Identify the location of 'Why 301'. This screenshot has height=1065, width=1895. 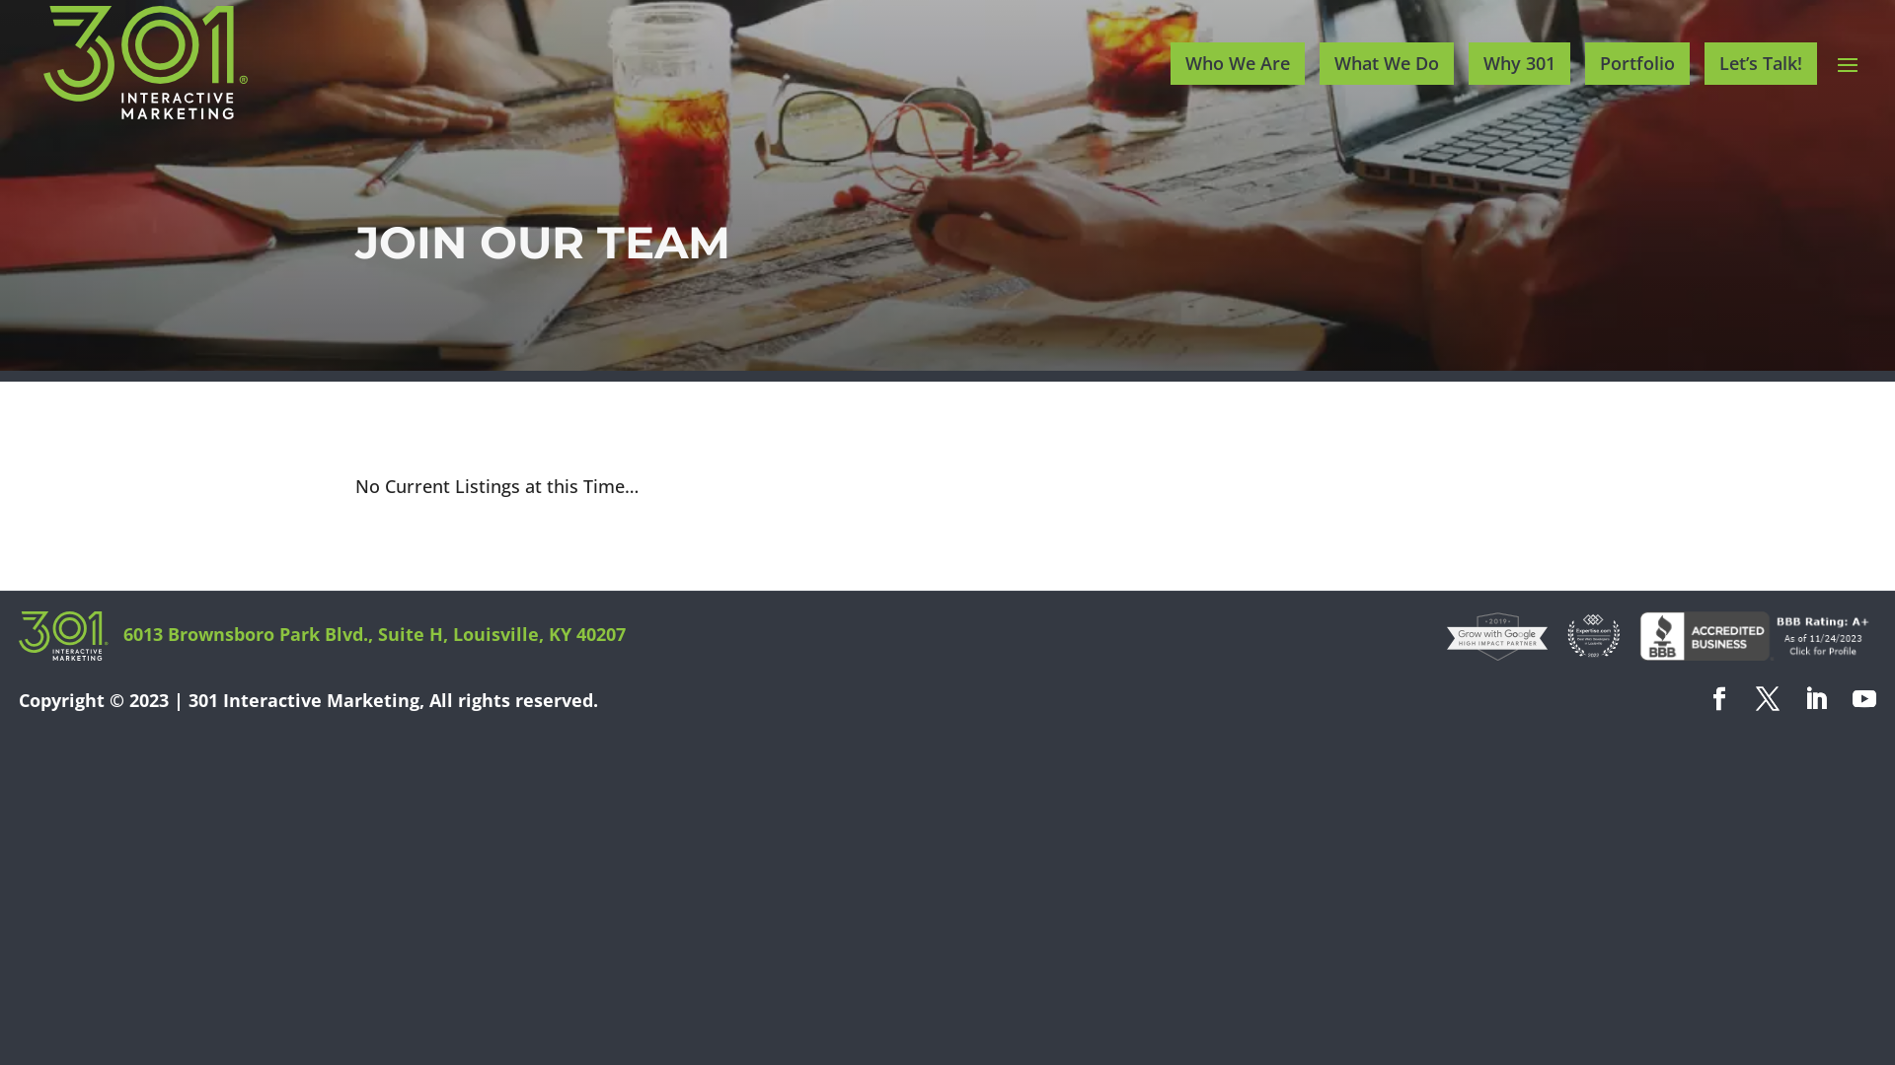
(1518, 62).